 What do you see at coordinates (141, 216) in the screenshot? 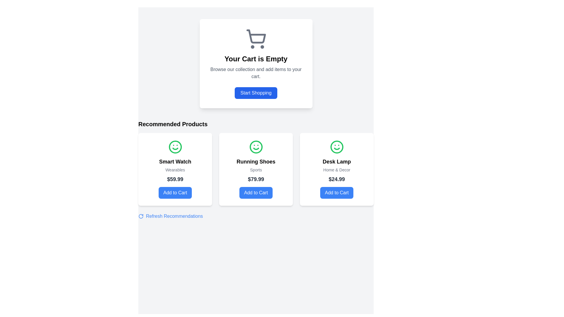
I see `the open-ended circular arrow icon indicating refresh located below the 'Recommended Products' heading` at bounding box center [141, 216].